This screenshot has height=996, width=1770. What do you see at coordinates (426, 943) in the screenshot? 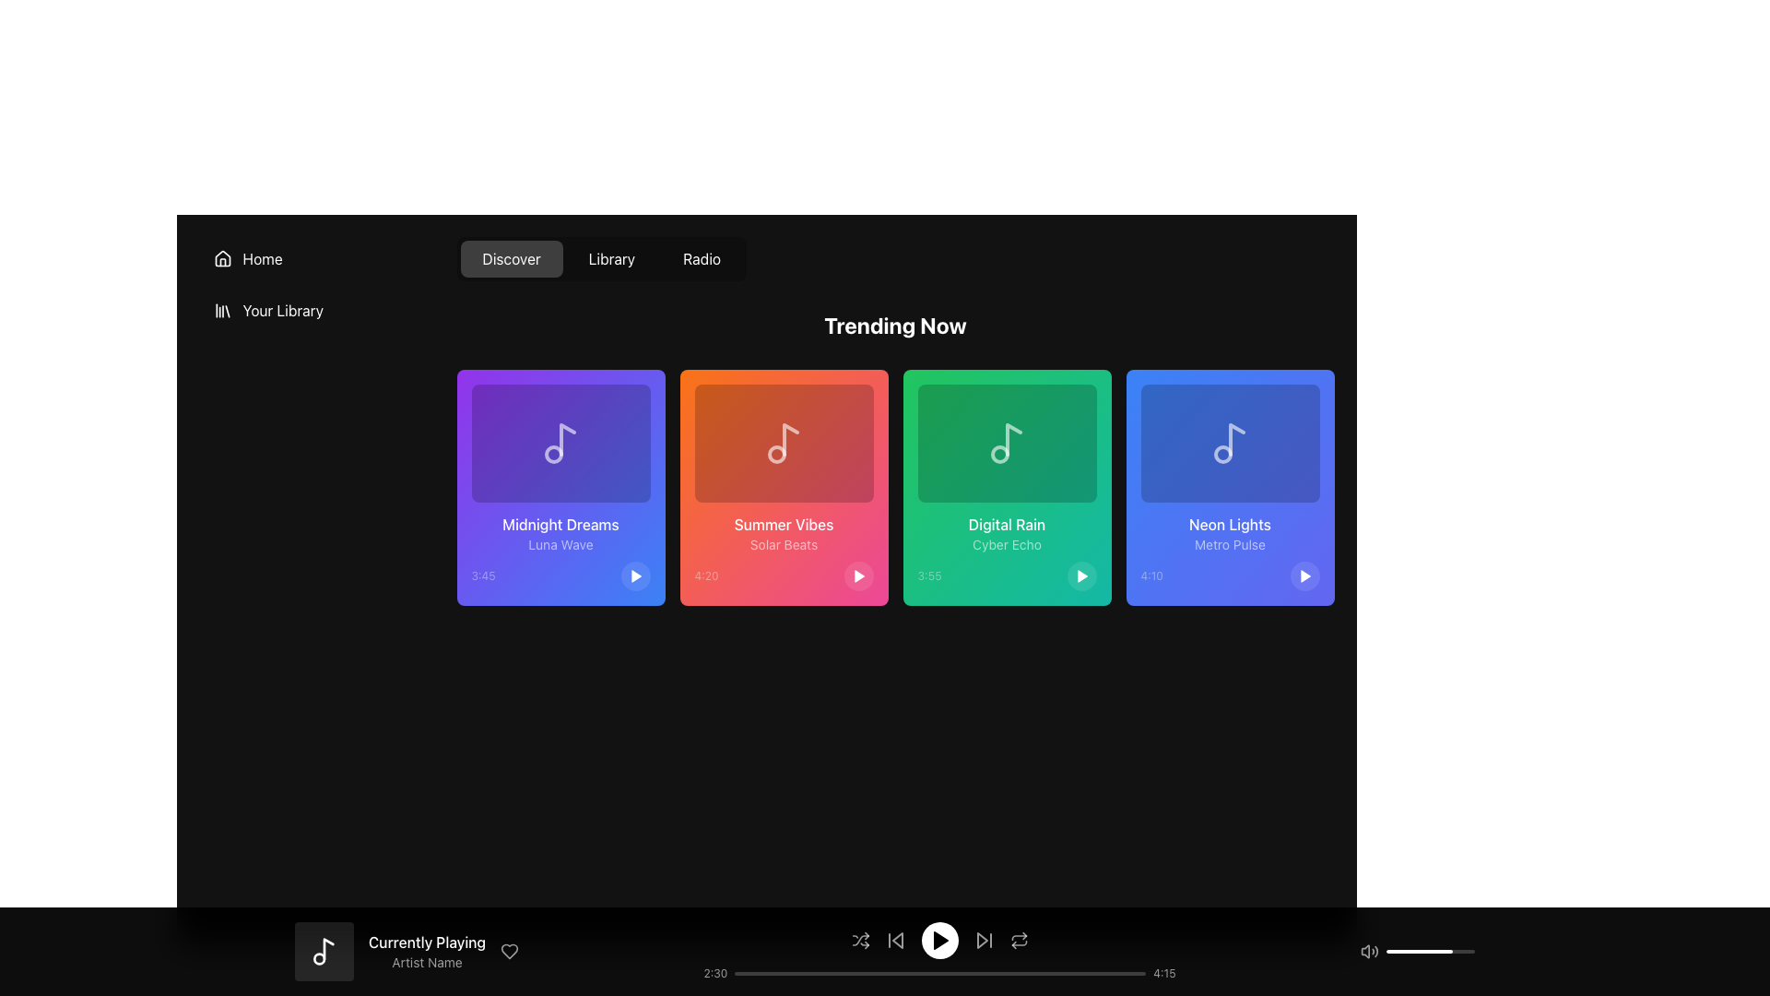
I see `the 'Currently Playing' label, which is prominently displayed in bold white text on a solid black background, located on the left side of the player control bar at the bottom of the interface` at bounding box center [426, 943].